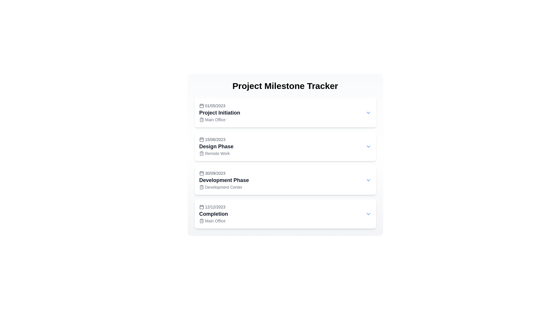 Image resolution: width=558 pixels, height=314 pixels. What do you see at coordinates (368, 180) in the screenshot?
I see `the small blue down-chevron icon indicating a dropdown for the 'Development Phase' entry in the milestone list` at bounding box center [368, 180].